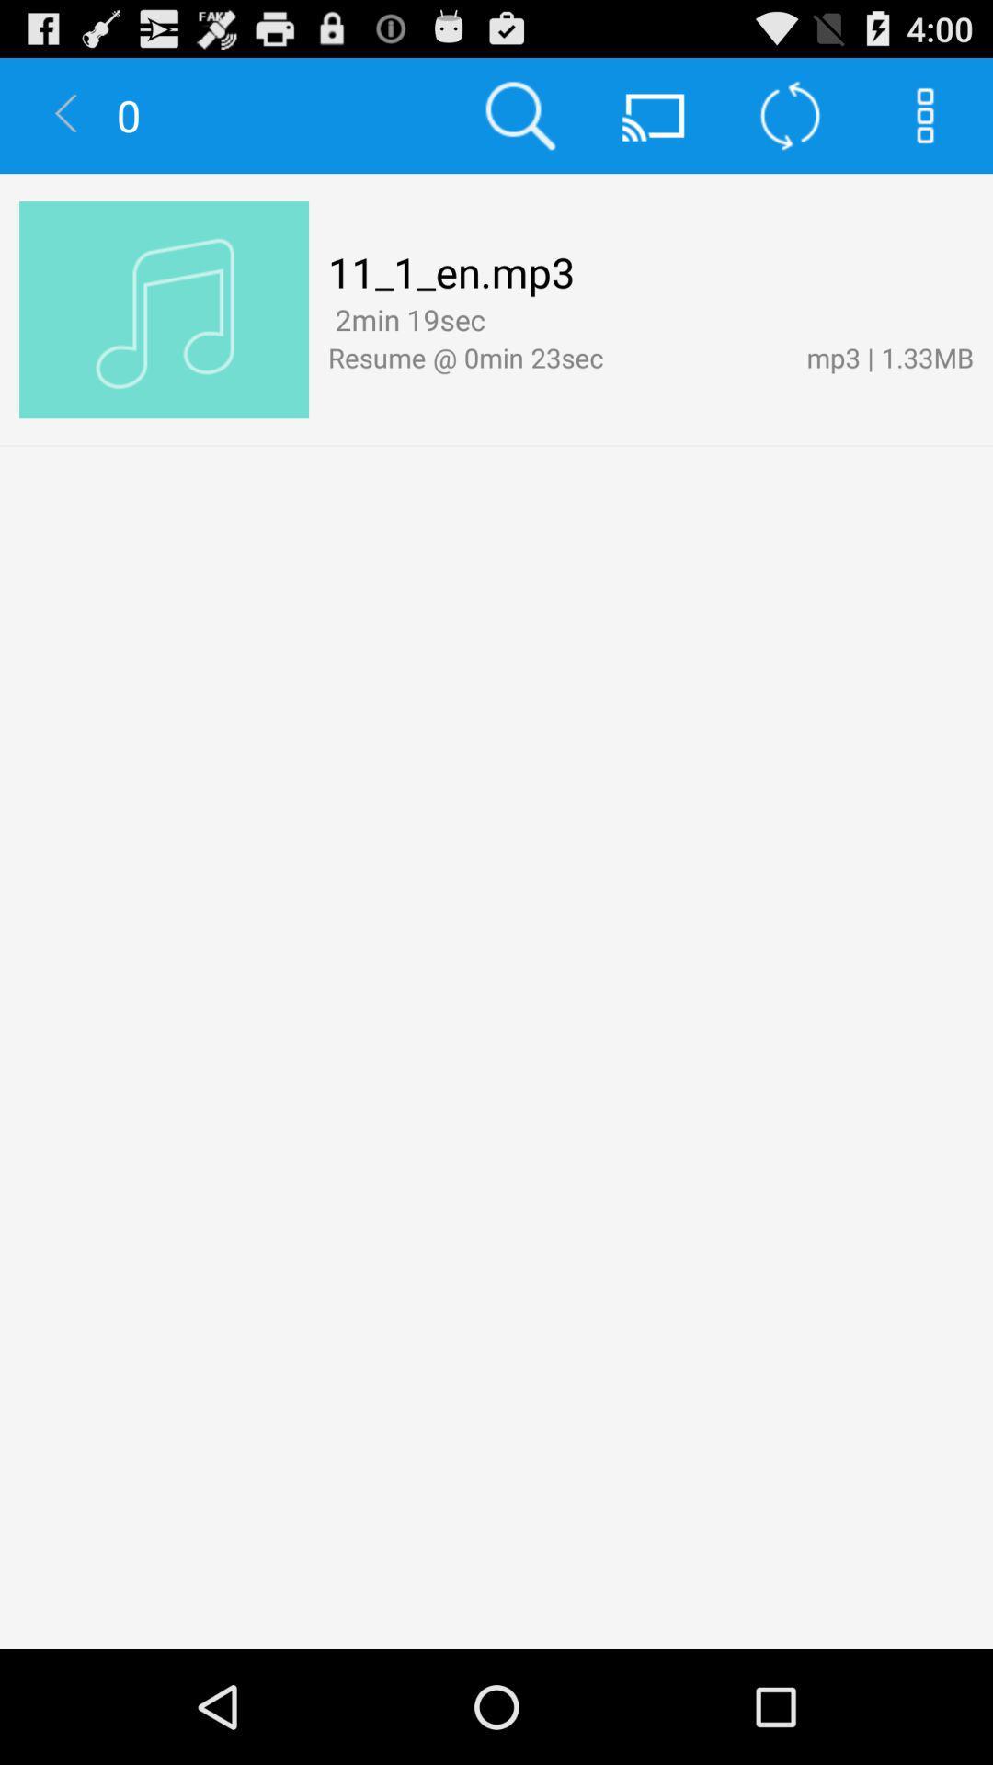 This screenshot has width=993, height=1765. I want to click on the app to the left of the mp3 | 1.33mb, so click(499, 322).